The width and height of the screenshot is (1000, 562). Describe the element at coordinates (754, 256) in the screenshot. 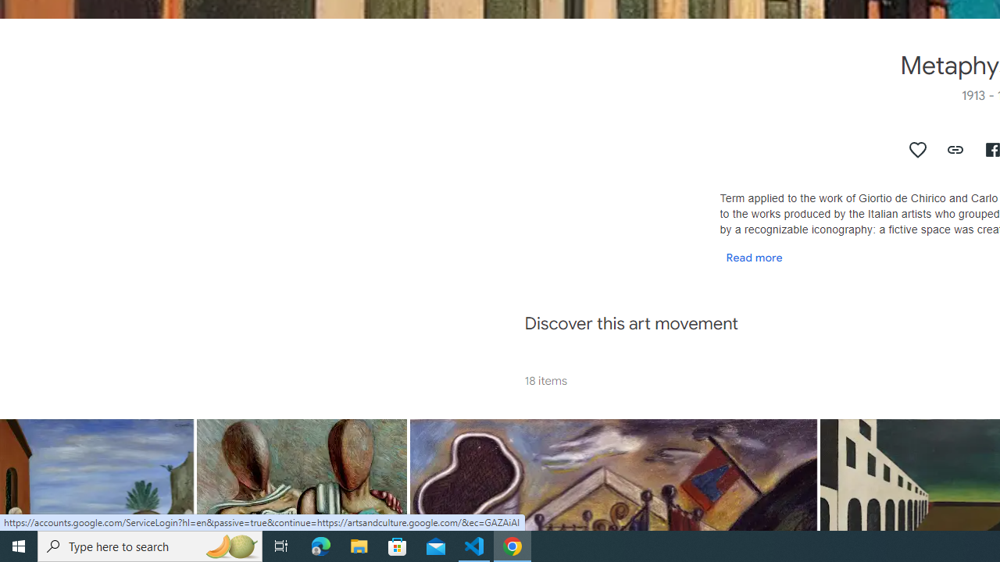

I see `'Read more'` at that location.